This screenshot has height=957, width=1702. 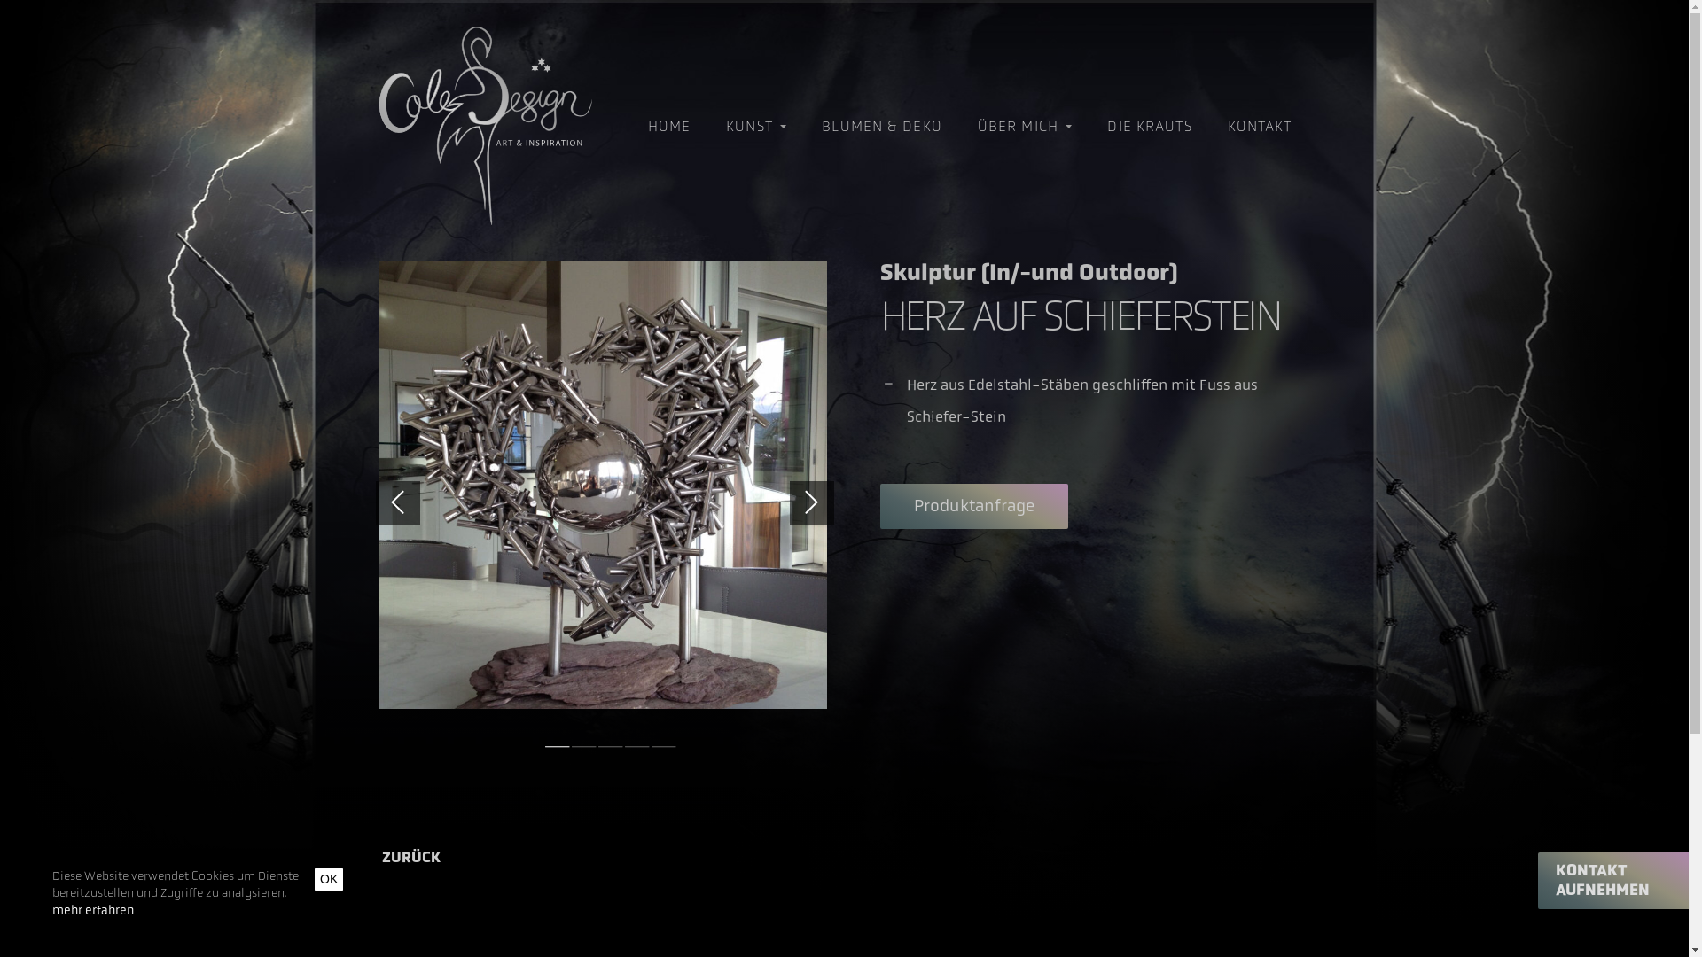 What do you see at coordinates (1149, 125) in the screenshot?
I see `'DIE KRAUTS'` at bounding box center [1149, 125].